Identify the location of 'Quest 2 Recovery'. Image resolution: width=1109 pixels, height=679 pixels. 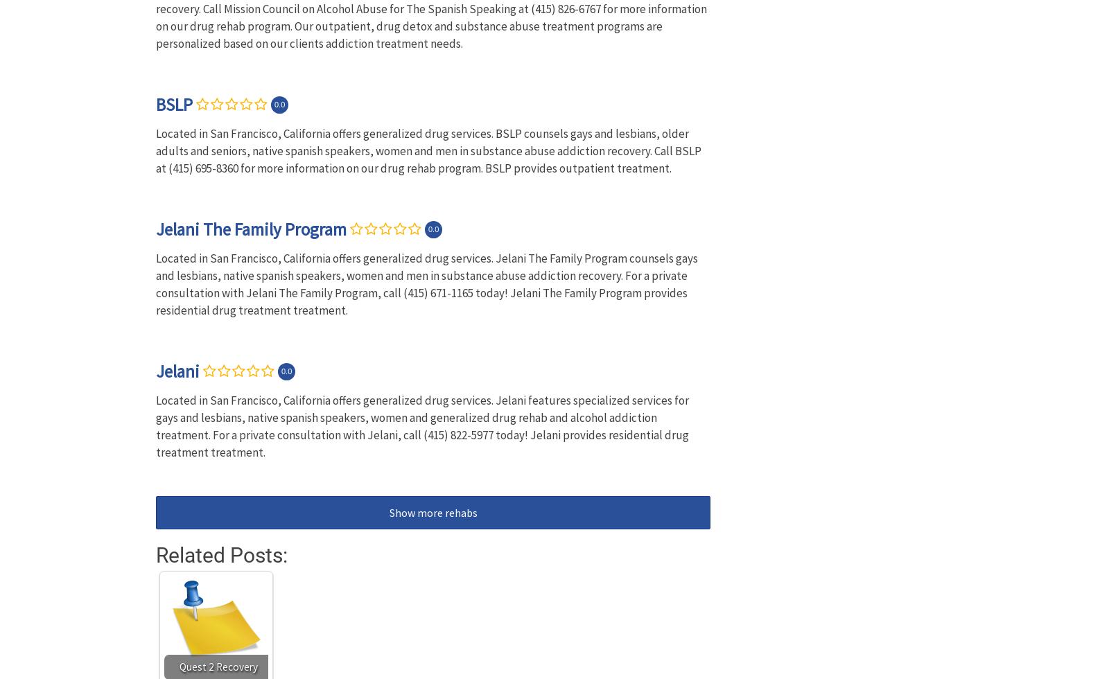
(218, 666).